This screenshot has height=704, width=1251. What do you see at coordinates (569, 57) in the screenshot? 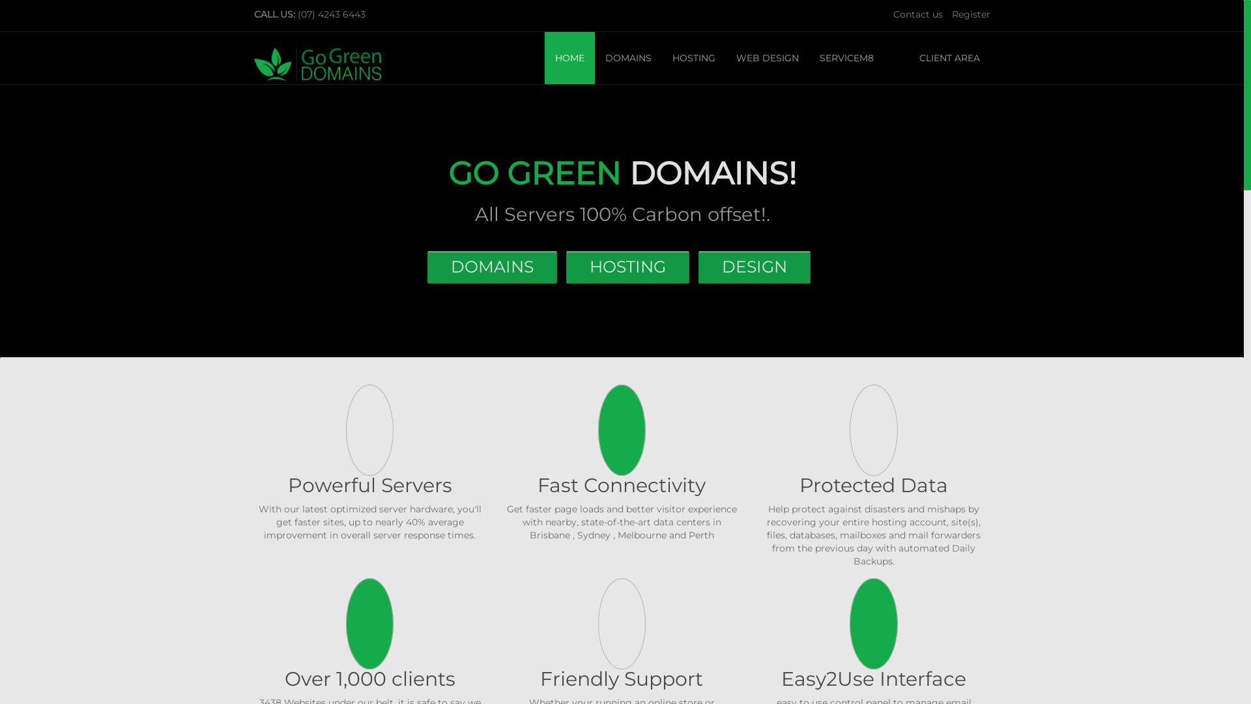
I see `'HOME'` at bounding box center [569, 57].